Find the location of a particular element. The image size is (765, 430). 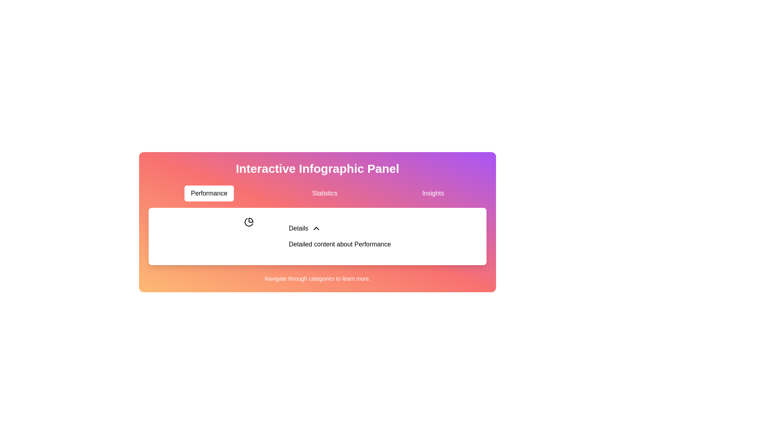

the 'Insights' button, which is the third button in a group of three horizontally aligned buttons below the title 'Interactive Infographic Panel' is located at coordinates (432, 193).